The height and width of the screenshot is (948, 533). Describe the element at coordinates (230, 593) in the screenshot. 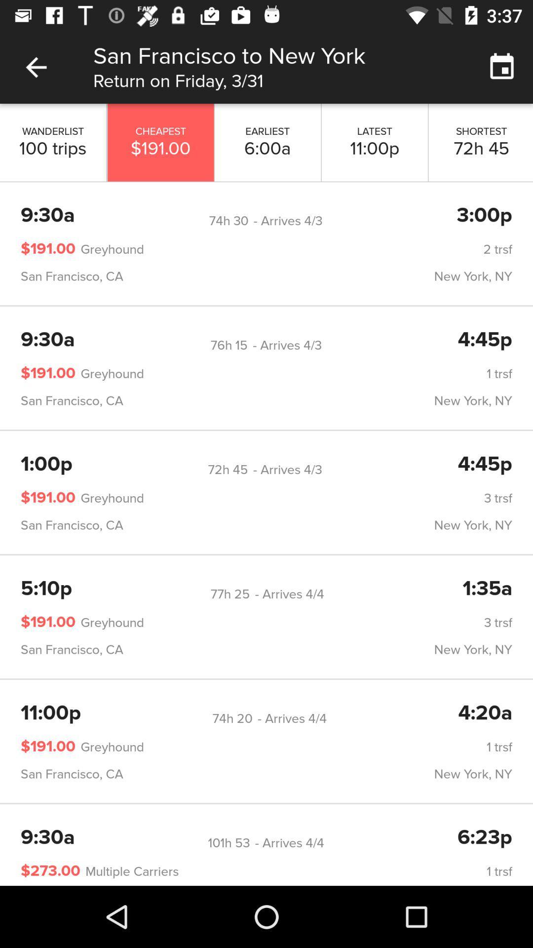

I see `the item to the right of the 5:10p` at that location.